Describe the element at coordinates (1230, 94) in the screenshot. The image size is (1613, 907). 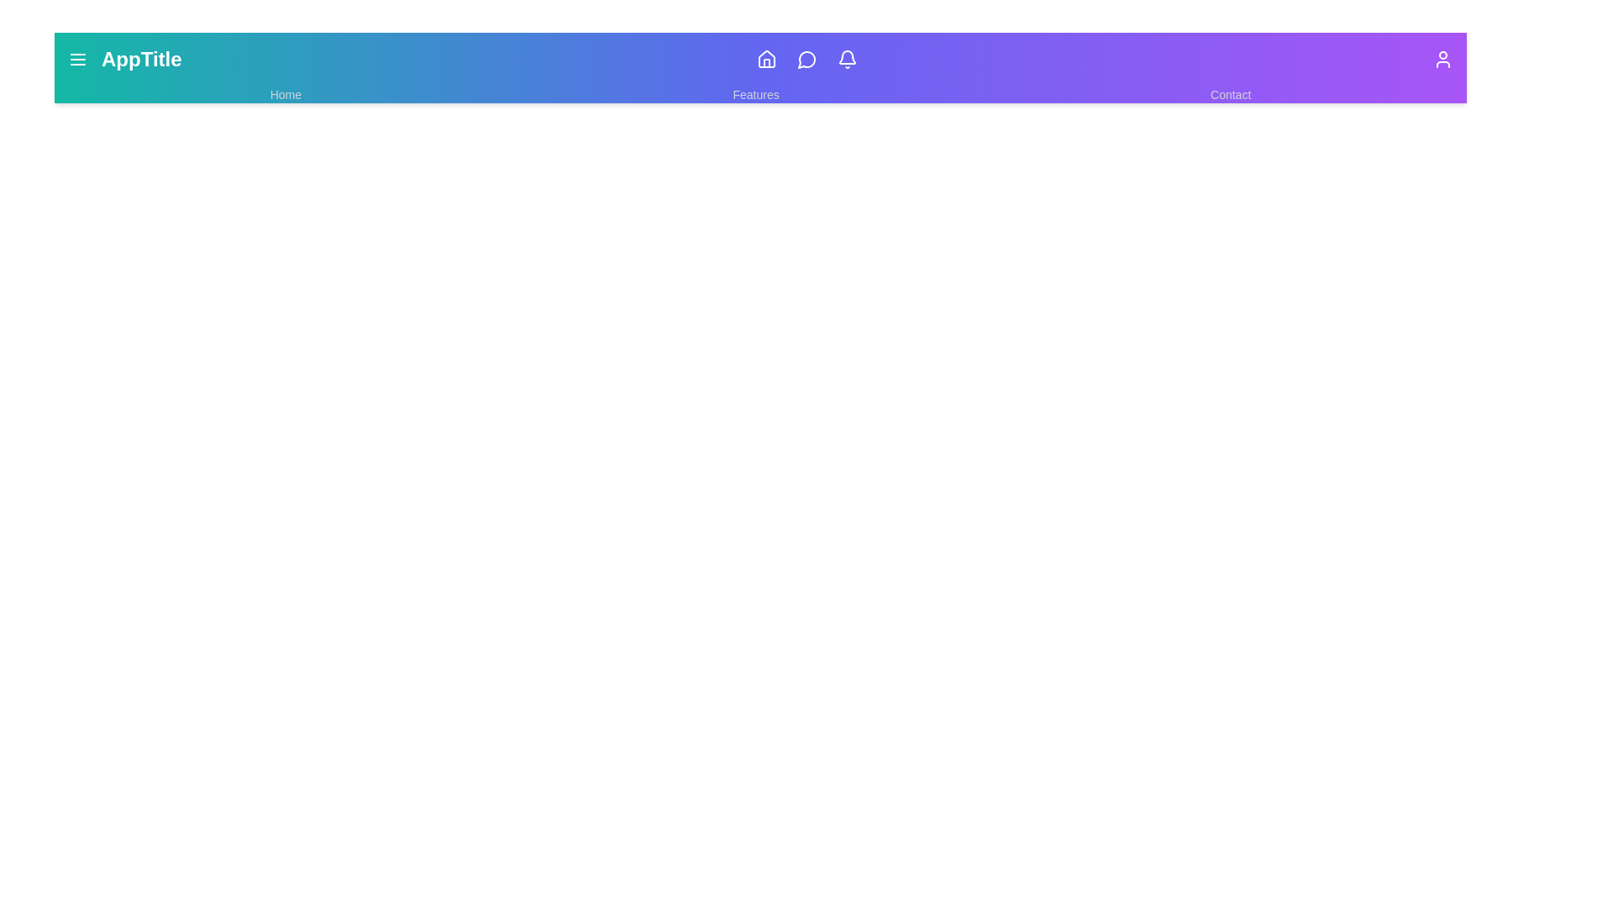
I see `the 'Contact' link in the navbar` at that location.